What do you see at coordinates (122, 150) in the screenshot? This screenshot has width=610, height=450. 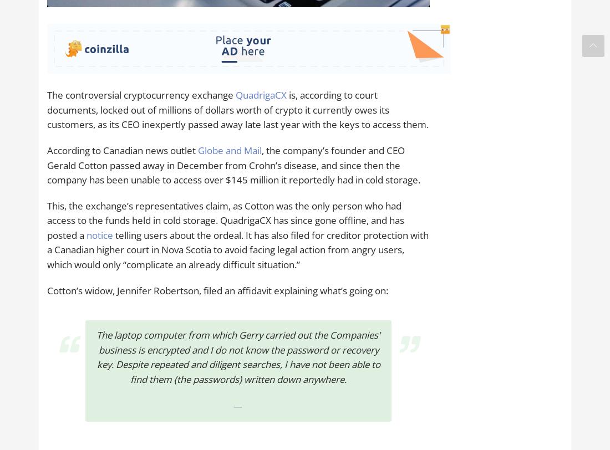 I see `'According to Canadian news outlet'` at bounding box center [122, 150].